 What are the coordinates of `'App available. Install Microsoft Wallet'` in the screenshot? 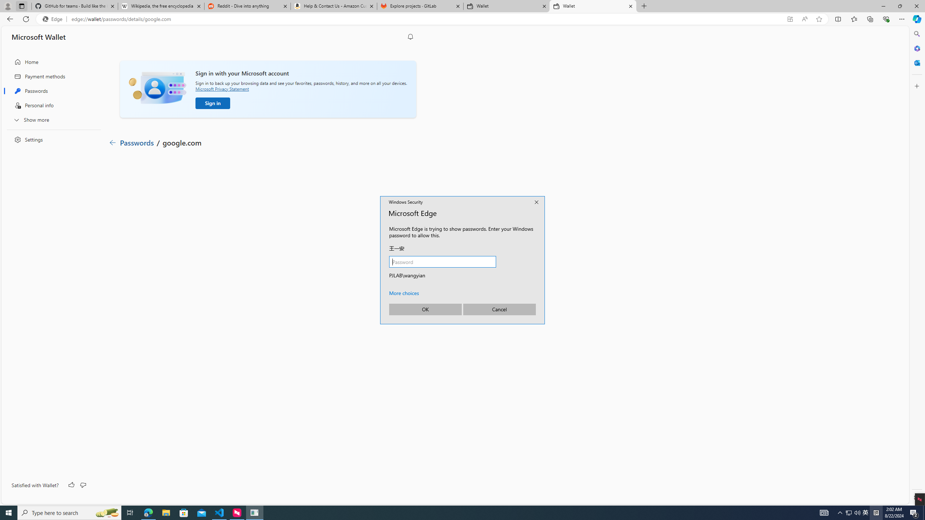 It's located at (790, 19).